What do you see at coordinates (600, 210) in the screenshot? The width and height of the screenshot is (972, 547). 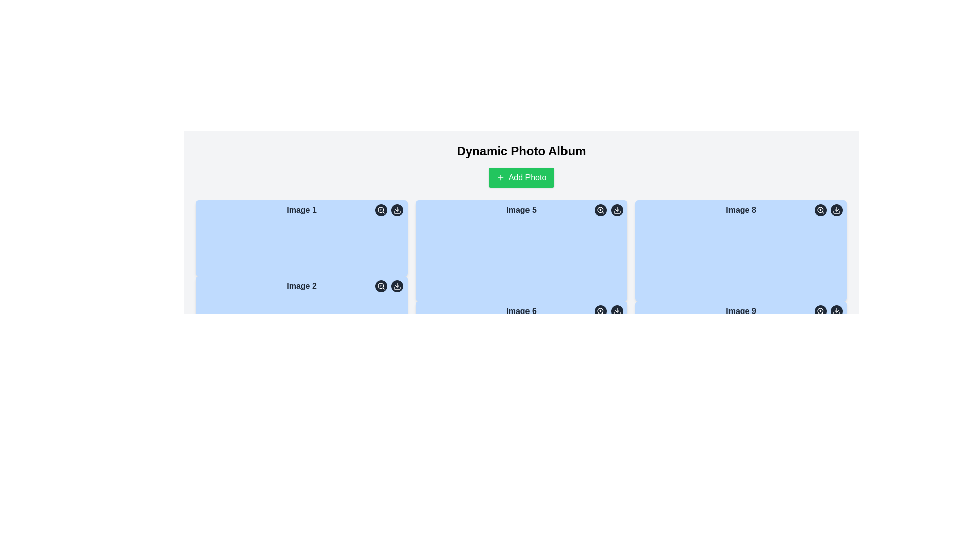 I see `the circular button with a magnifying glass icon located at the top-right corner of the 'Image 5' card` at bounding box center [600, 210].